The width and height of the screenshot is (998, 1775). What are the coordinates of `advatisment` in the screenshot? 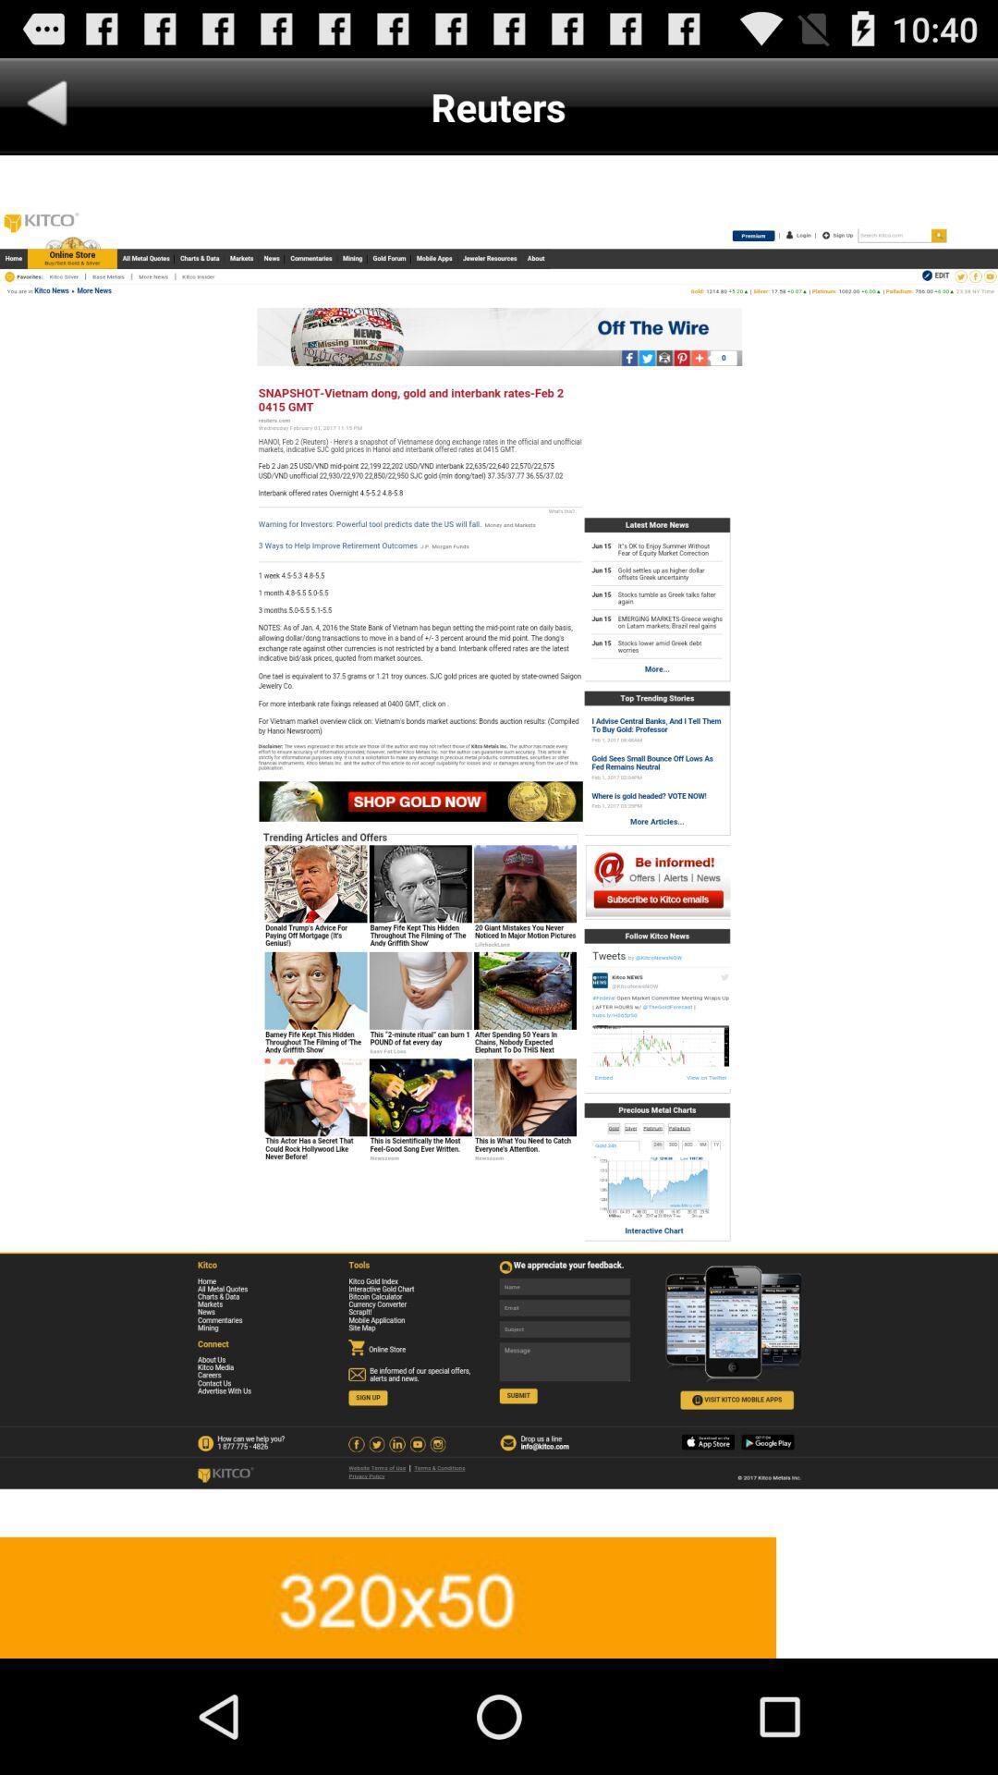 It's located at (499, 845).